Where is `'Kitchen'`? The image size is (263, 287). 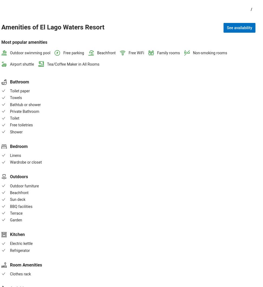 'Kitchen' is located at coordinates (17, 234).